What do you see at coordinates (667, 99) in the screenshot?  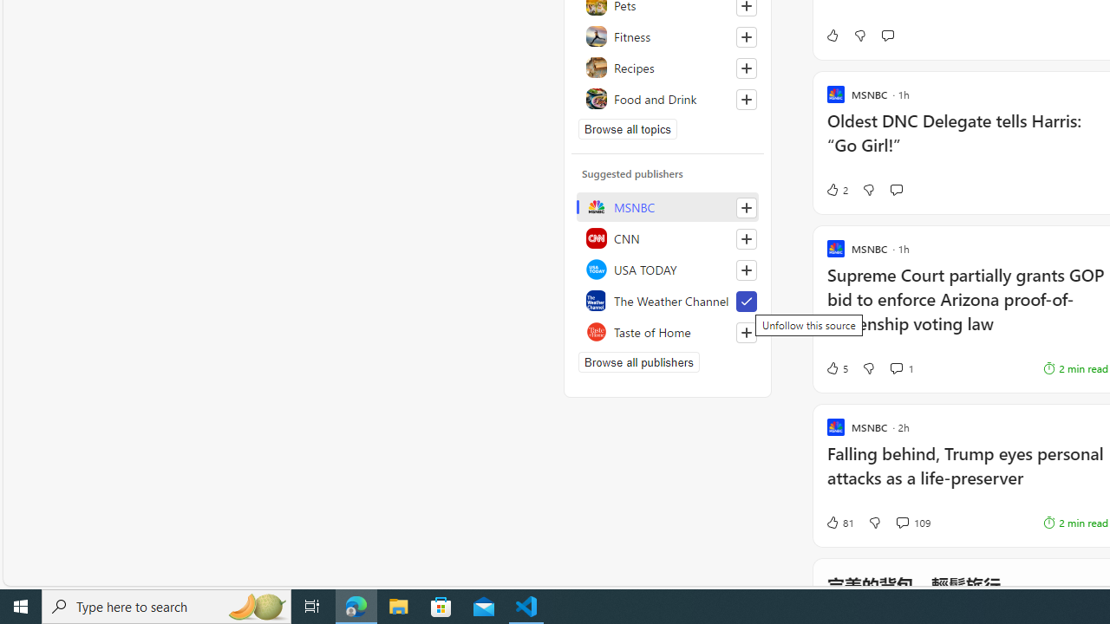 I see `'Food and Drink'` at bounding box center [667, 99].